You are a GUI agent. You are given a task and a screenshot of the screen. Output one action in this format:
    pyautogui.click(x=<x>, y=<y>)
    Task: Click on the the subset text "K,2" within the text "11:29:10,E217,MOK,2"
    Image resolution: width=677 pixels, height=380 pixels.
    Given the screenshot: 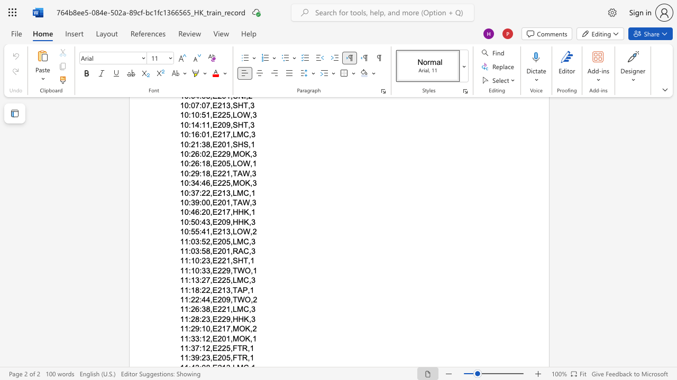 What is the action you would take?
    pyautogui.click(x=244, y=328)
    